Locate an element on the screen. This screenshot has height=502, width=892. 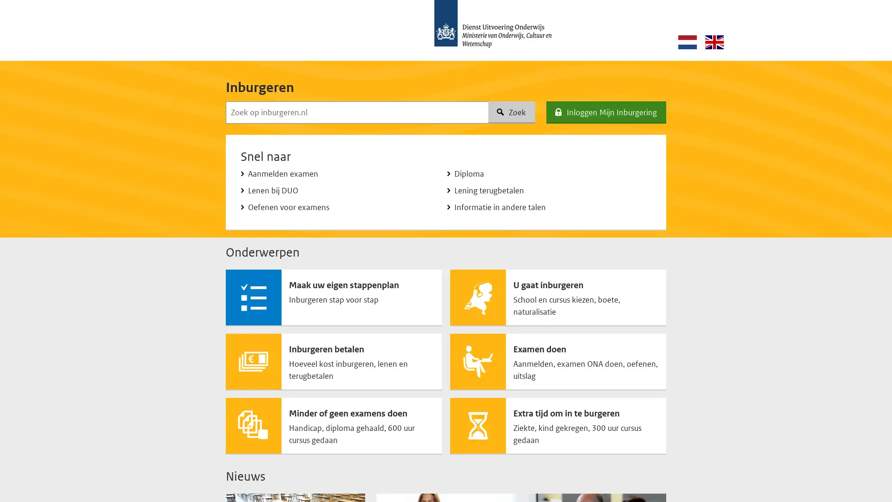
Inloggen Mijn Inburgering is located at coordinates (606, 112).